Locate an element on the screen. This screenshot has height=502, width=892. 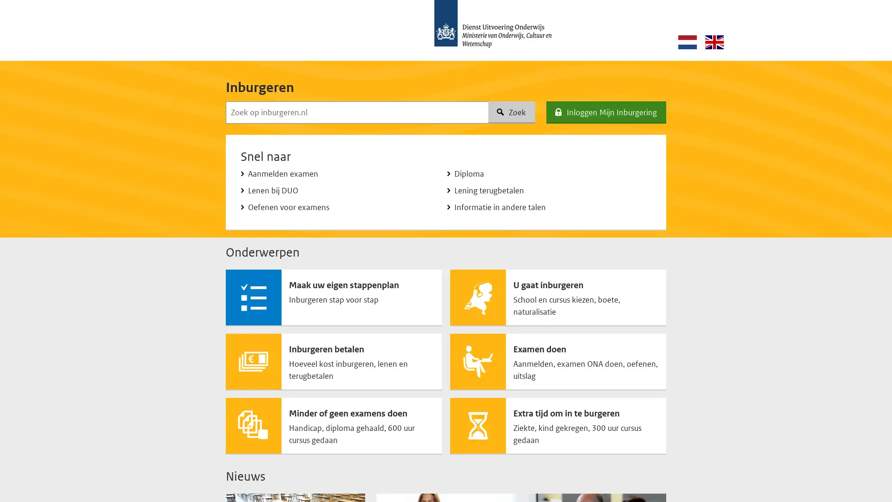
Inloggen Mijn Inburgering is located at coordinates (606, 112).